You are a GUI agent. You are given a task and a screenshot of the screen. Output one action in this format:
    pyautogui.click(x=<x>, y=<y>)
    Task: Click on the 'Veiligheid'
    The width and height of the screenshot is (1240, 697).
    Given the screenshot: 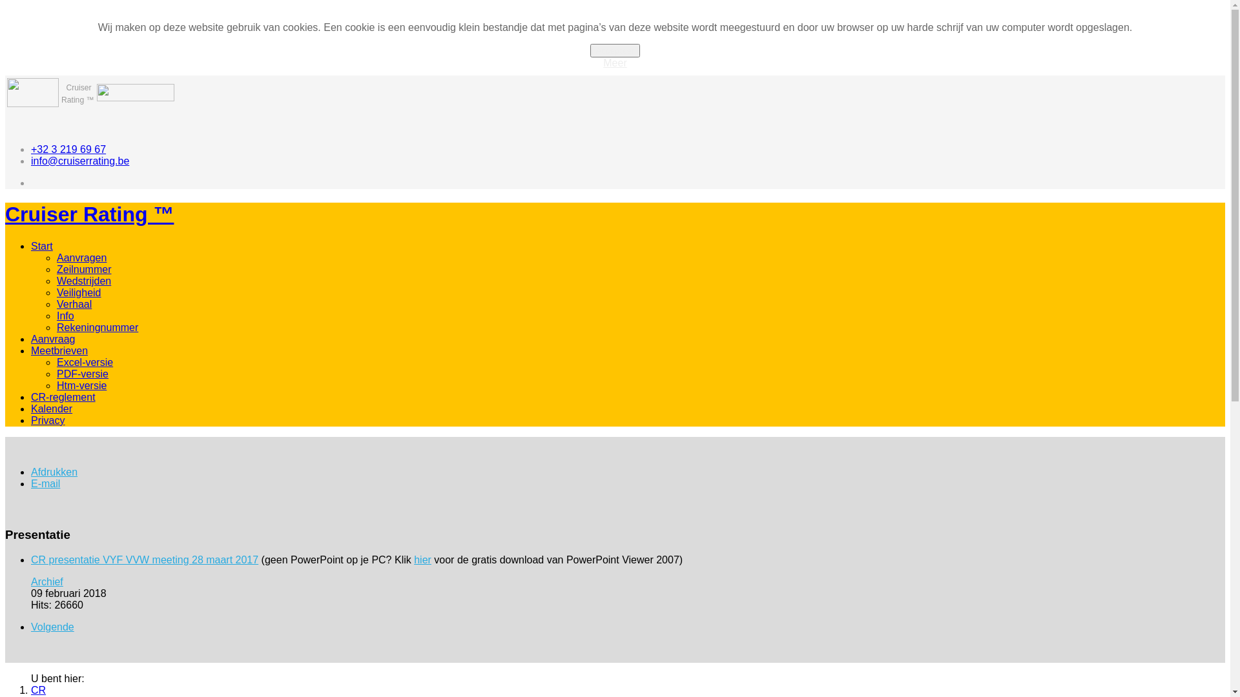 What is the action you would take?
    pyautogui.click(x=78, y=292)
    